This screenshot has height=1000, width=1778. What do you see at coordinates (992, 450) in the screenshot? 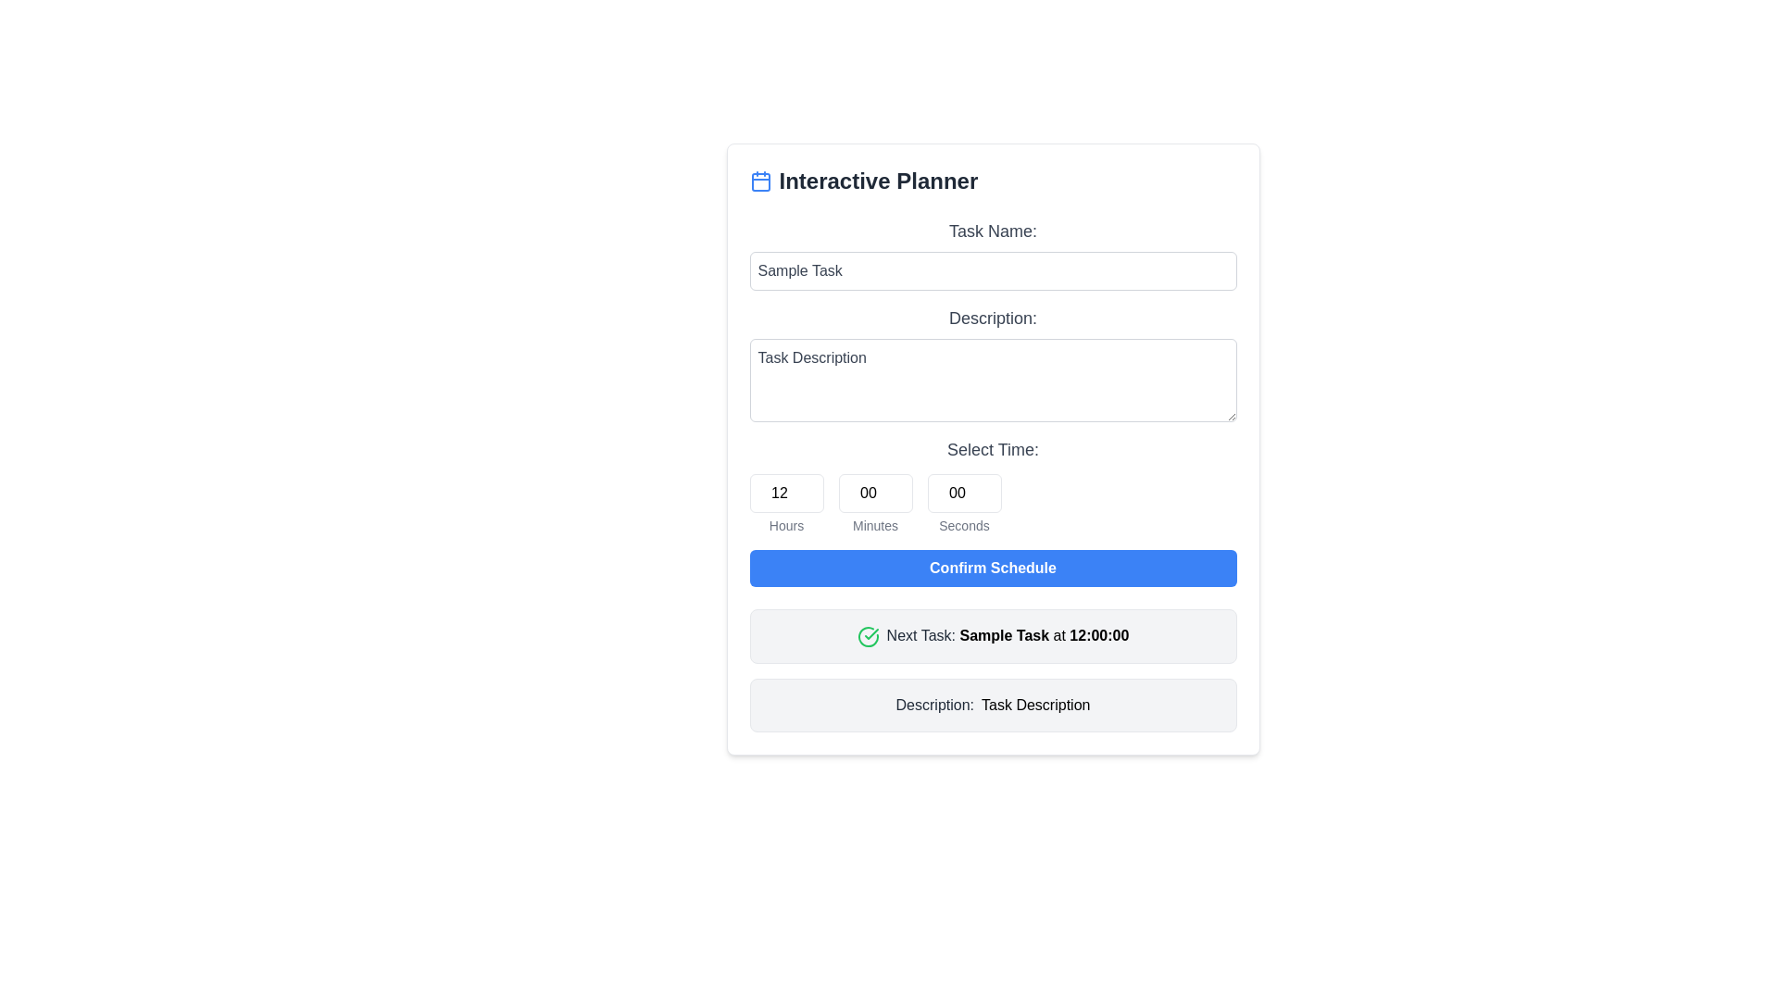
I see `the fourth Text Label that indicates the purpose of the time input fields, positioned below the 'Description:' label and above the input fields` at bounding box center [992, 450].